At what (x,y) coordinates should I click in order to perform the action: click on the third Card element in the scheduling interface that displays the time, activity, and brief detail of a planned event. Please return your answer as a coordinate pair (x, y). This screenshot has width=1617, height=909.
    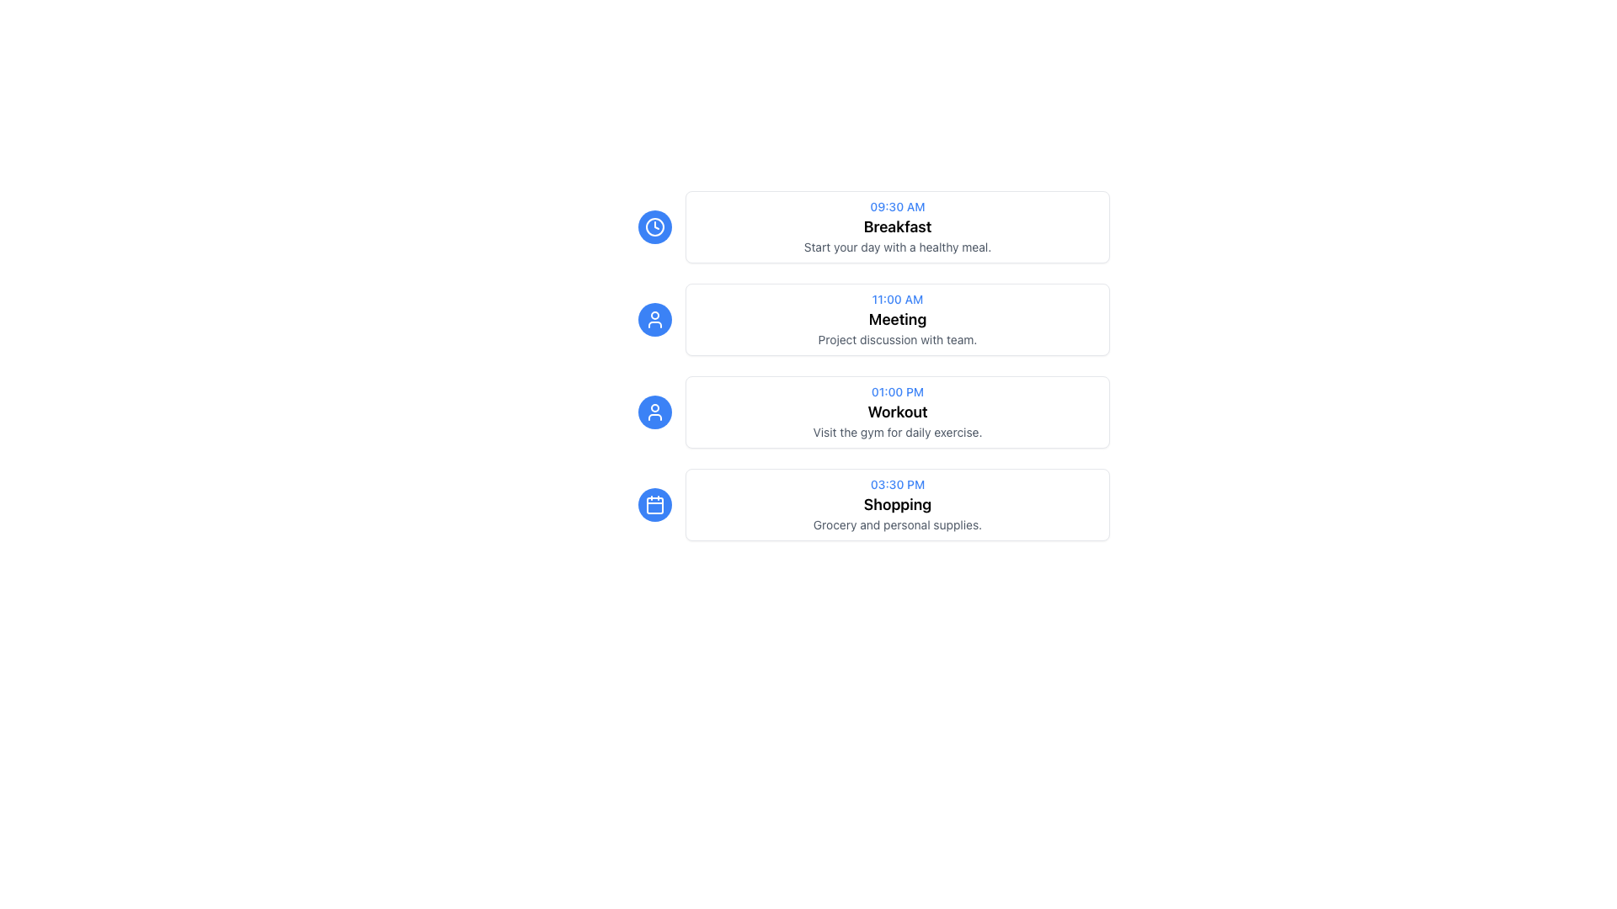
    Looking at the image, I should click on (867, 375).